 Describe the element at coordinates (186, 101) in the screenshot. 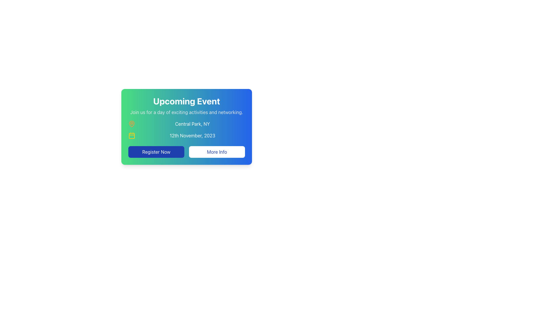

I see `the prominently styled text label that displays 'Upcoming Event', which is large, bold, and white, located at the top part of a rectangular card interface` at that location.